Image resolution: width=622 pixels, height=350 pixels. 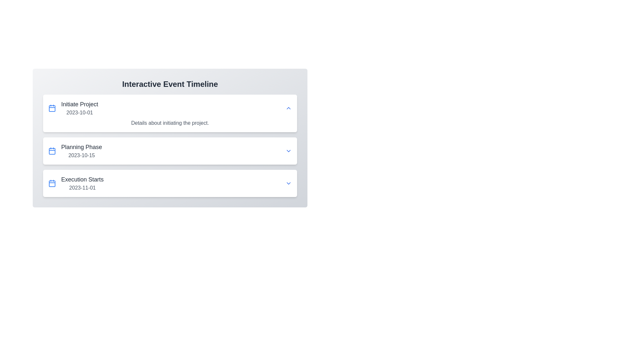 I want to click on the interactive icon on the far right of the 'Initiate Project 2023-10-01' section, so click(x=288, y=108).